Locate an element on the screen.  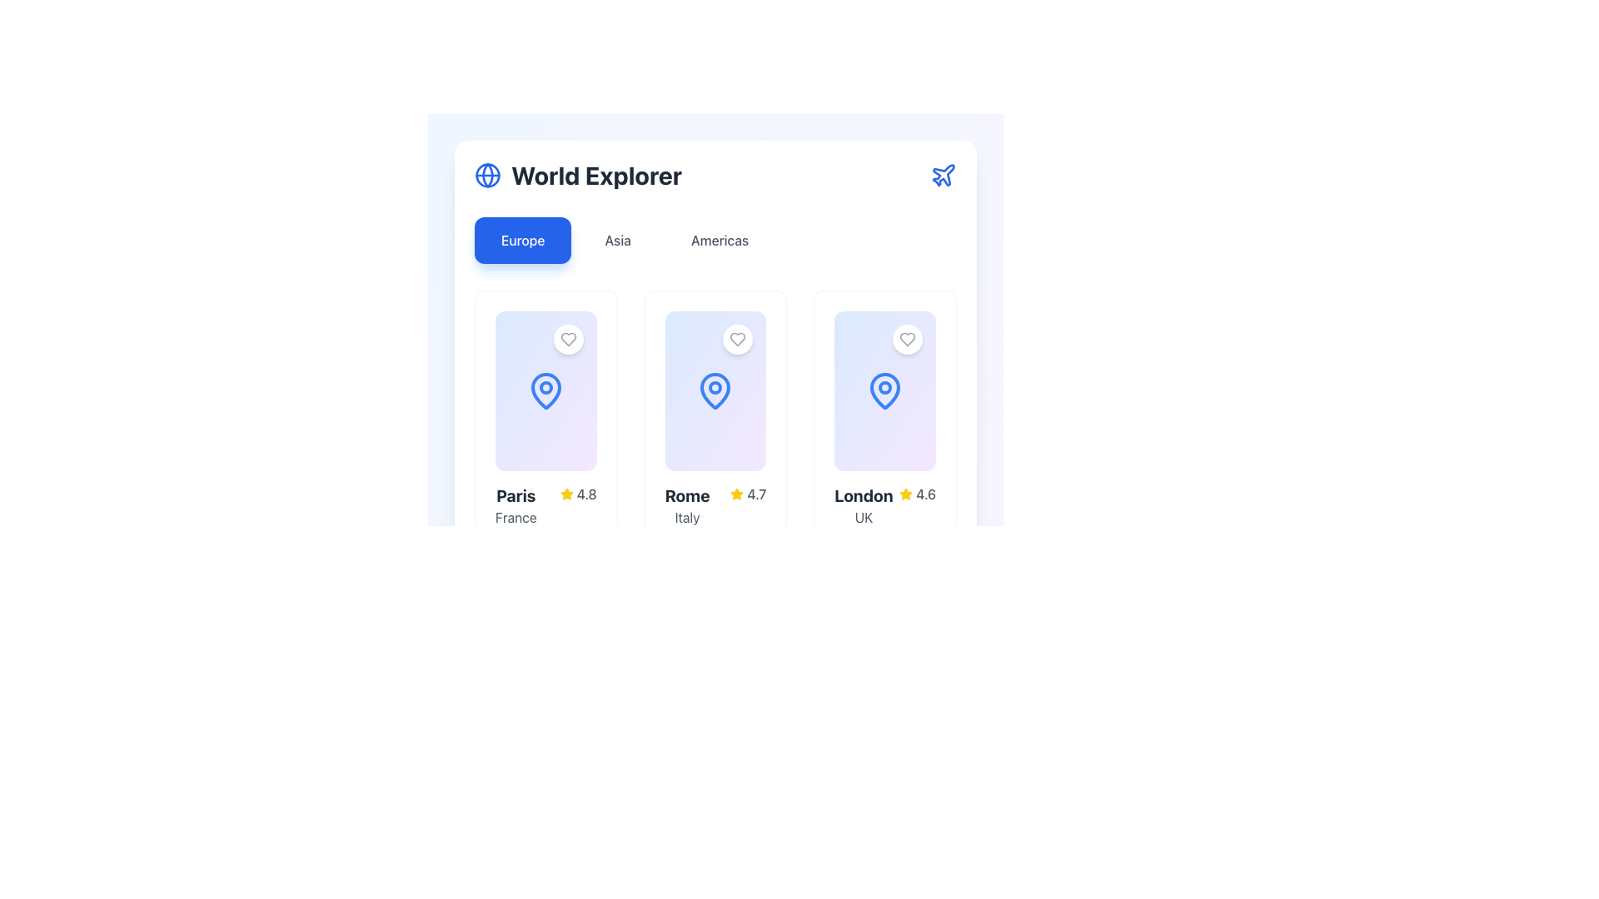
the lower portion of the map pin icon outlined in blue, which is part of the card labeled 'Paris' positioned at the bottom of the view is located at coordinates (545, 391).